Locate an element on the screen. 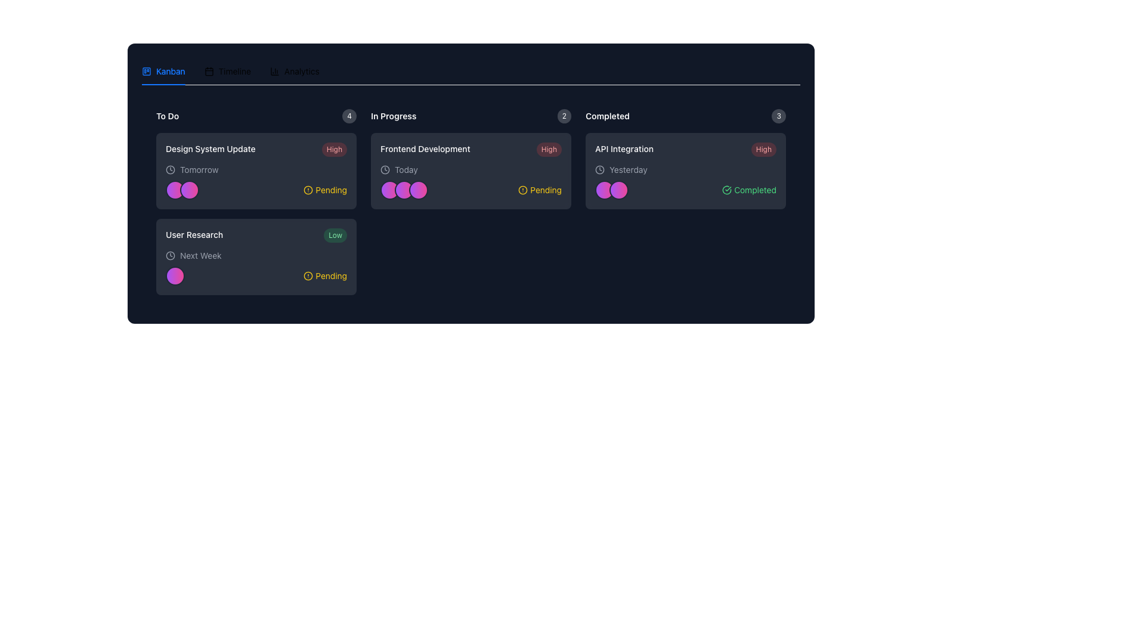 The image size is (1145, 644). text 'High' from the pill-shaped badge with rounded edges located in the upper-right corner of the 'Frontend Development' card in the 'In Progress' section of the Kanban board is located at coordinates (548, 148).